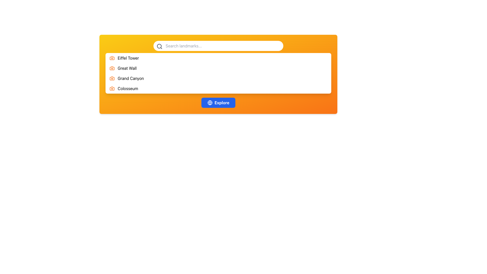 The width and height of the screenshot is (487, 274). Describe the element at coordinates (128, 88) in the screenshot. I see `the 'Colosseum' text label, which is the fourth item in a vertically arranged dropdown list` at that location.